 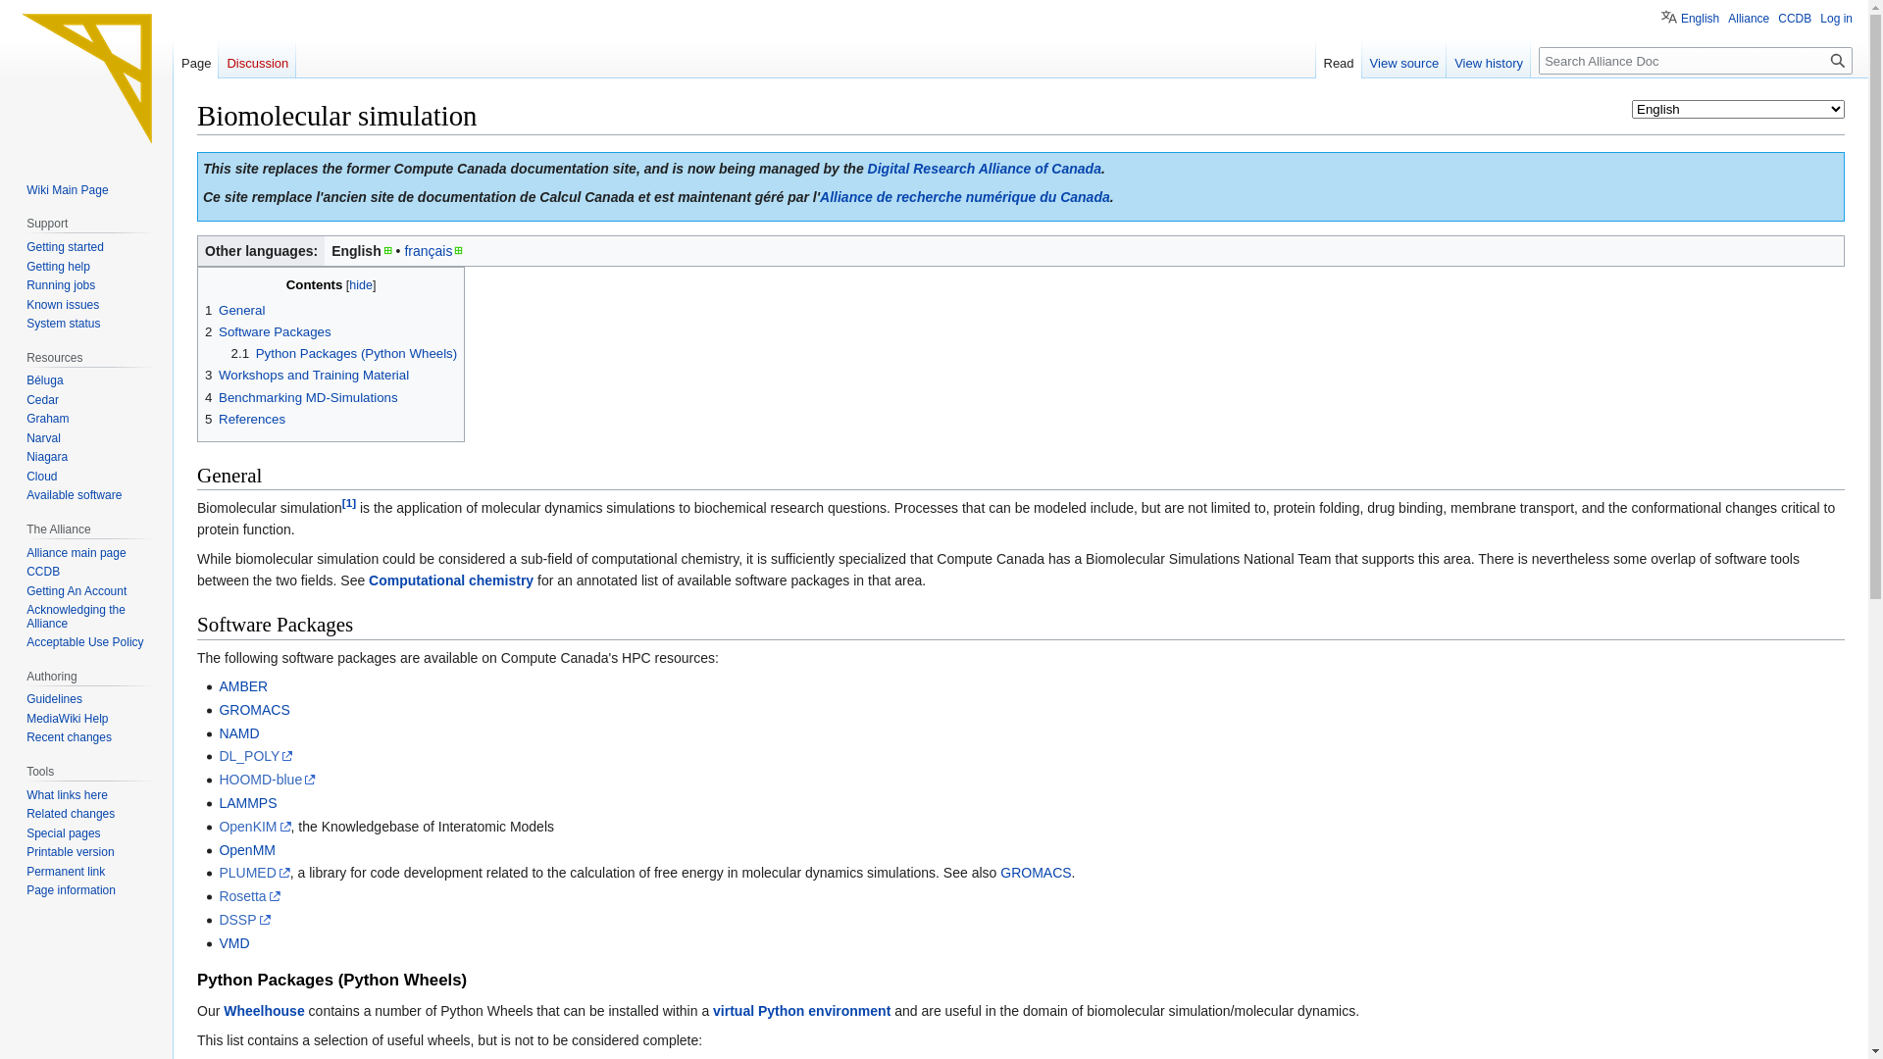 What do you see at coordinates (26, 642) in the screenshot?
I see `'Acceptable Use Policy'` at bounding box center [26, 642].